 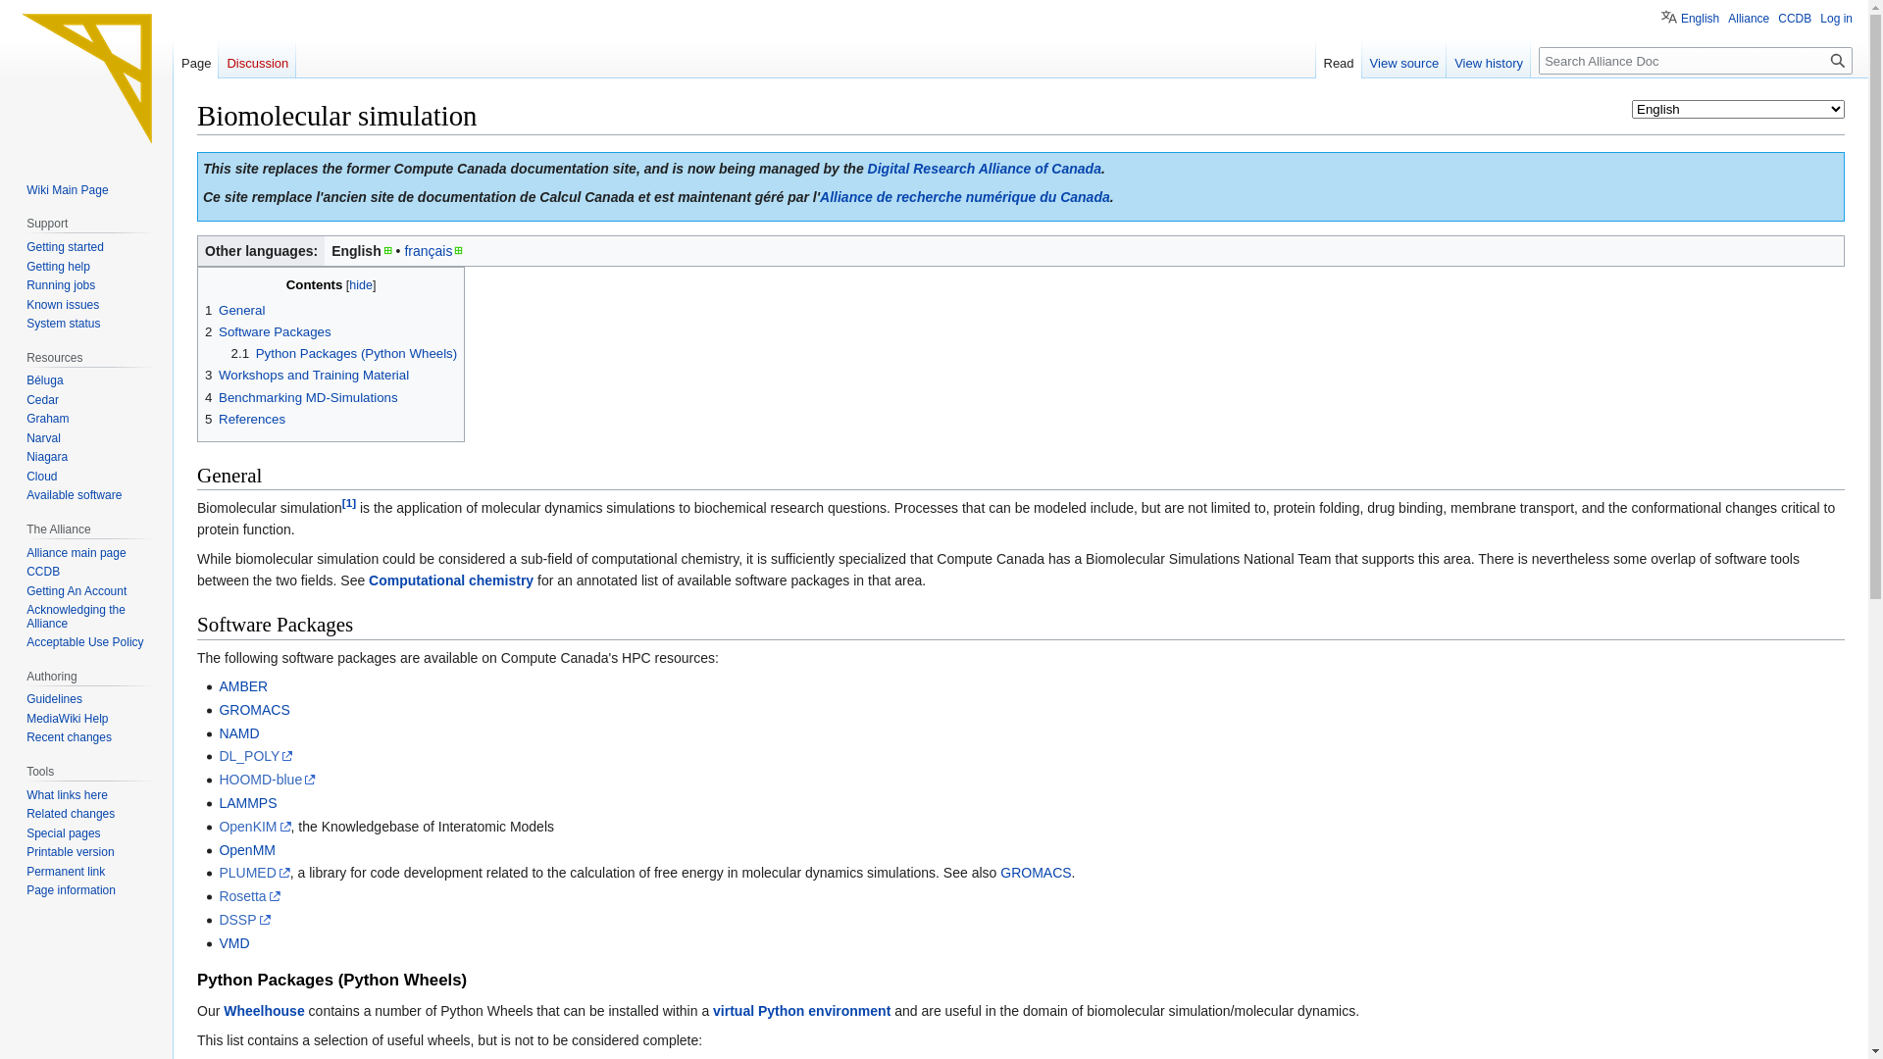 What do you see at coordinates (26, 642) in the screenshot?
I see `'Acceptable Use Policy'` at bounding box center [26, 642].